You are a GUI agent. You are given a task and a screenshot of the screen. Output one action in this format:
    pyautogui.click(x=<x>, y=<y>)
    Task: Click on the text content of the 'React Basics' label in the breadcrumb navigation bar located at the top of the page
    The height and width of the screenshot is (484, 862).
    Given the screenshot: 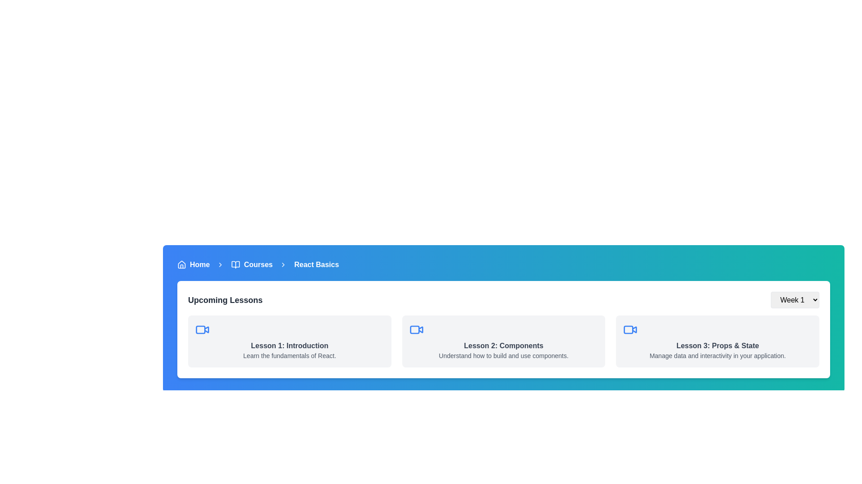 What is the action you would take?
    pyautogui.click(x=317, y=264)
    